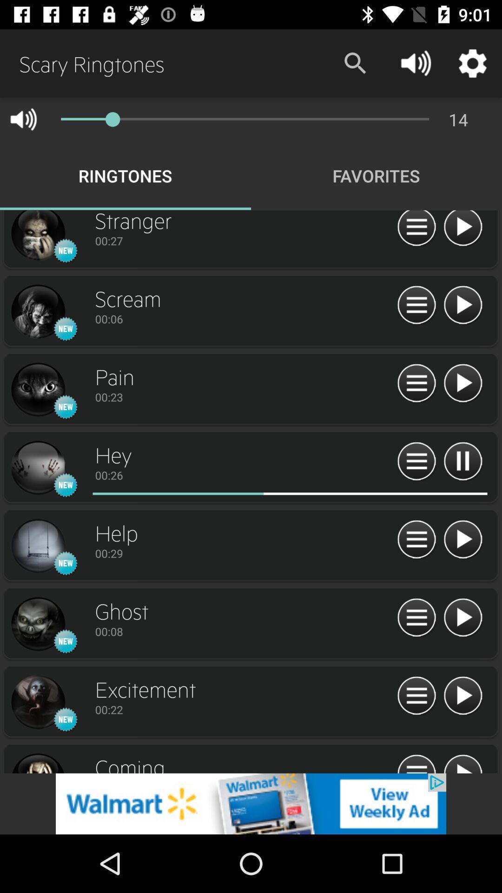  What do you see at coordinates (462, 306) in the screenshot?
I see `previous` at bounding box center [462, 306].